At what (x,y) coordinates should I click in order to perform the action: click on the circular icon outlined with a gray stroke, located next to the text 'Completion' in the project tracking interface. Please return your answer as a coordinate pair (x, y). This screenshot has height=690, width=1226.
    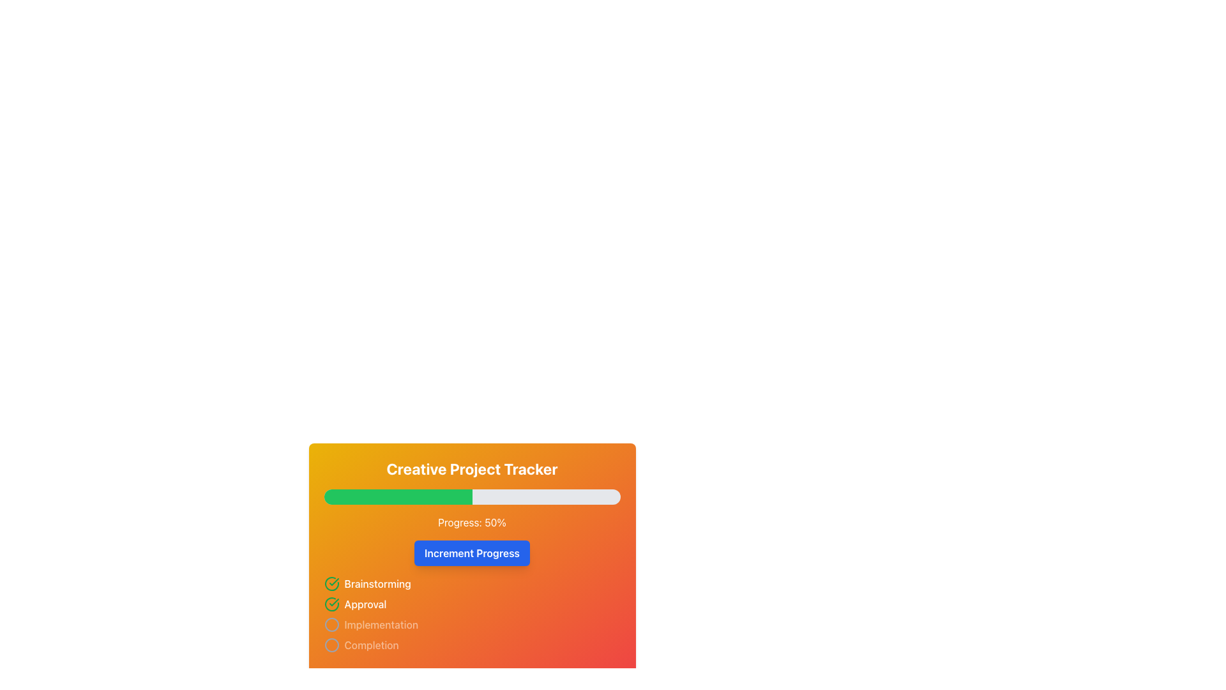
    Looking at the image, I should click on (331, 645).